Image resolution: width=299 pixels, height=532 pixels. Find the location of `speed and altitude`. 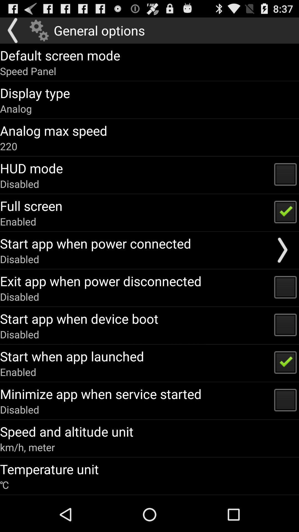

speed and altitude is located at coordinates (66, 431).